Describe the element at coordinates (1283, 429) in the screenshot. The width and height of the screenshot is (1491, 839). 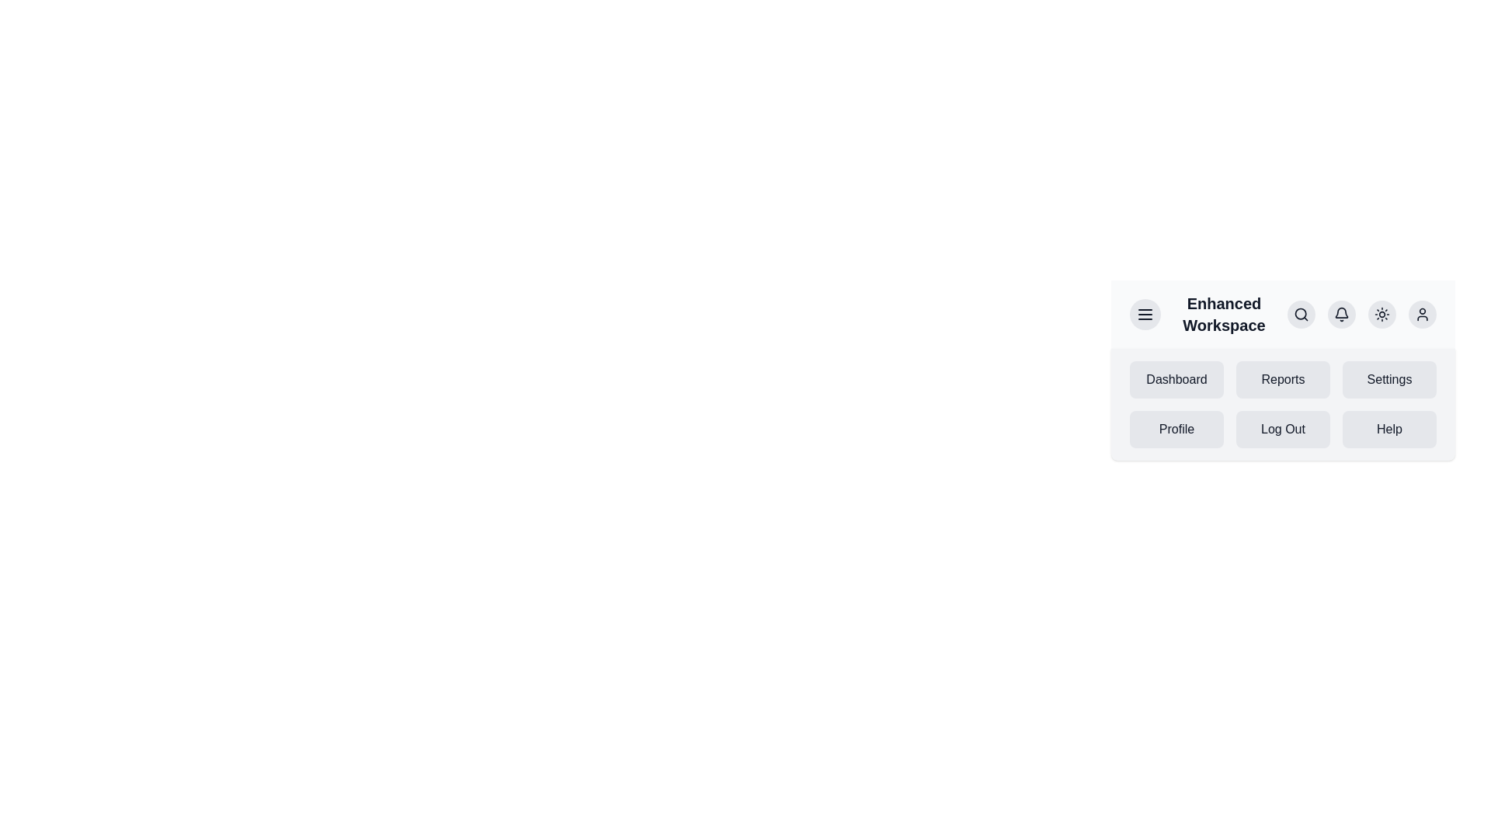
I see `the menu item Log Out by clicking on it` at that location.